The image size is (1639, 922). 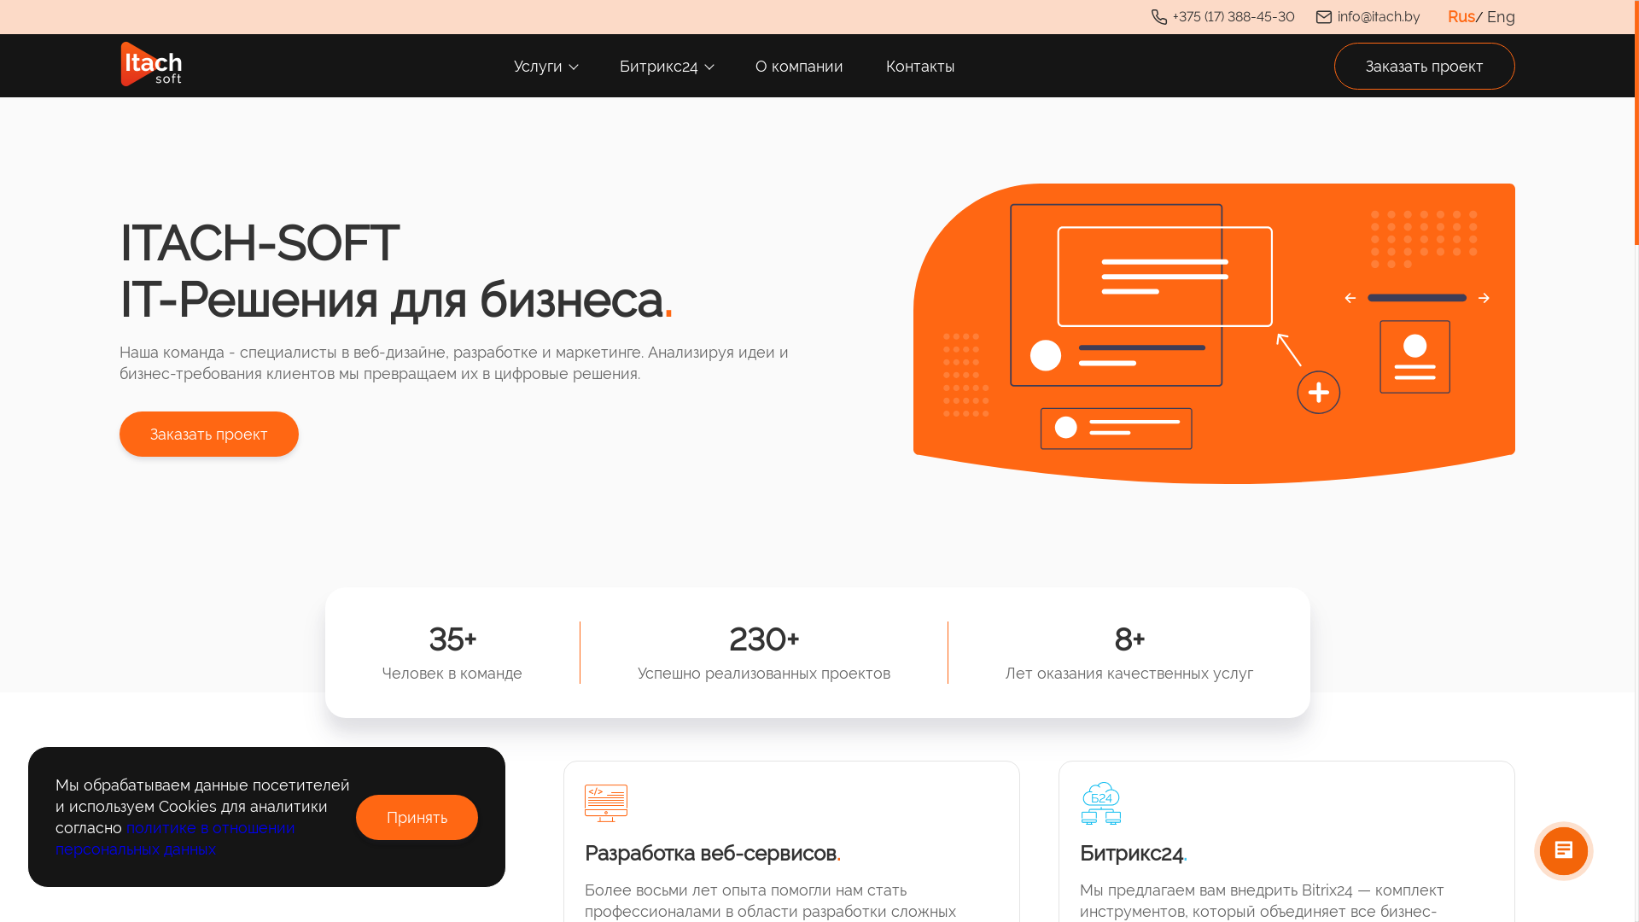 I want to click on 'info@itach.by', so click(x=1368, y=16).